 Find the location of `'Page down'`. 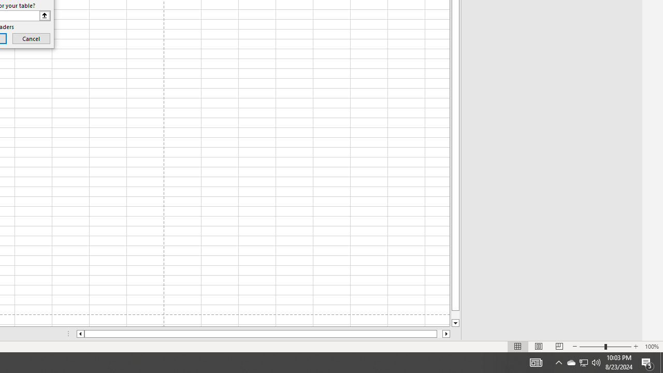

'Page down' is located at coordinates (455, 314).